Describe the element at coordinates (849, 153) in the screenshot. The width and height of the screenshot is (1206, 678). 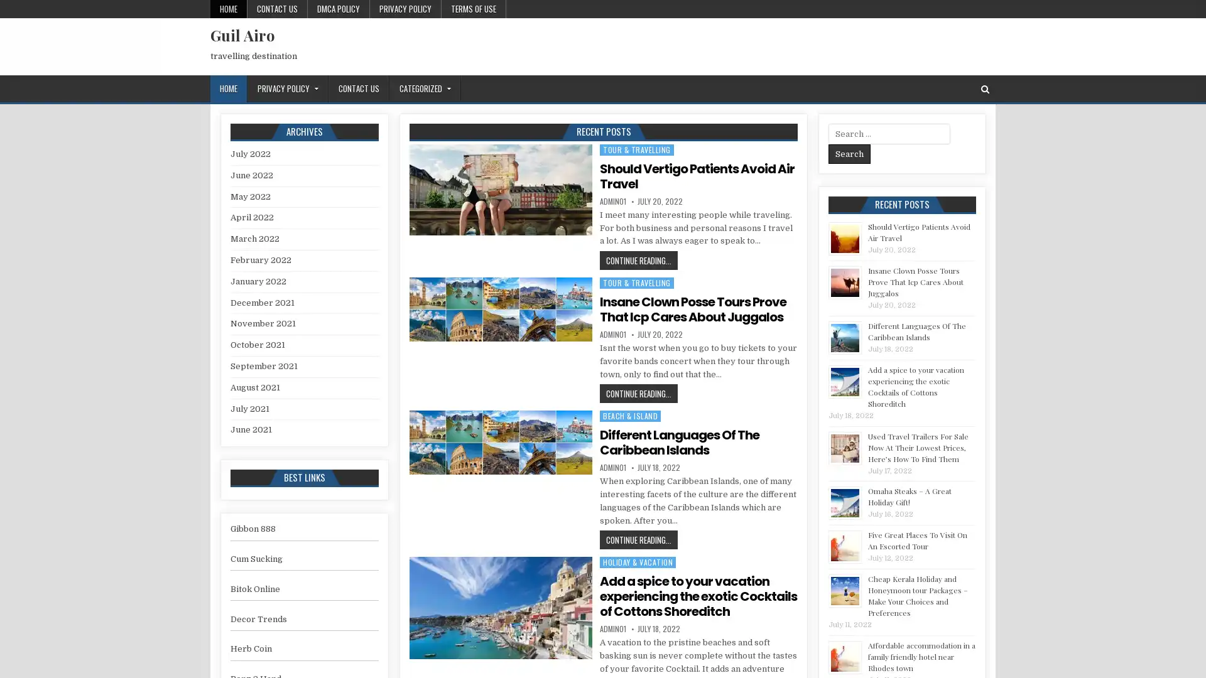
I see `Search` at that location.